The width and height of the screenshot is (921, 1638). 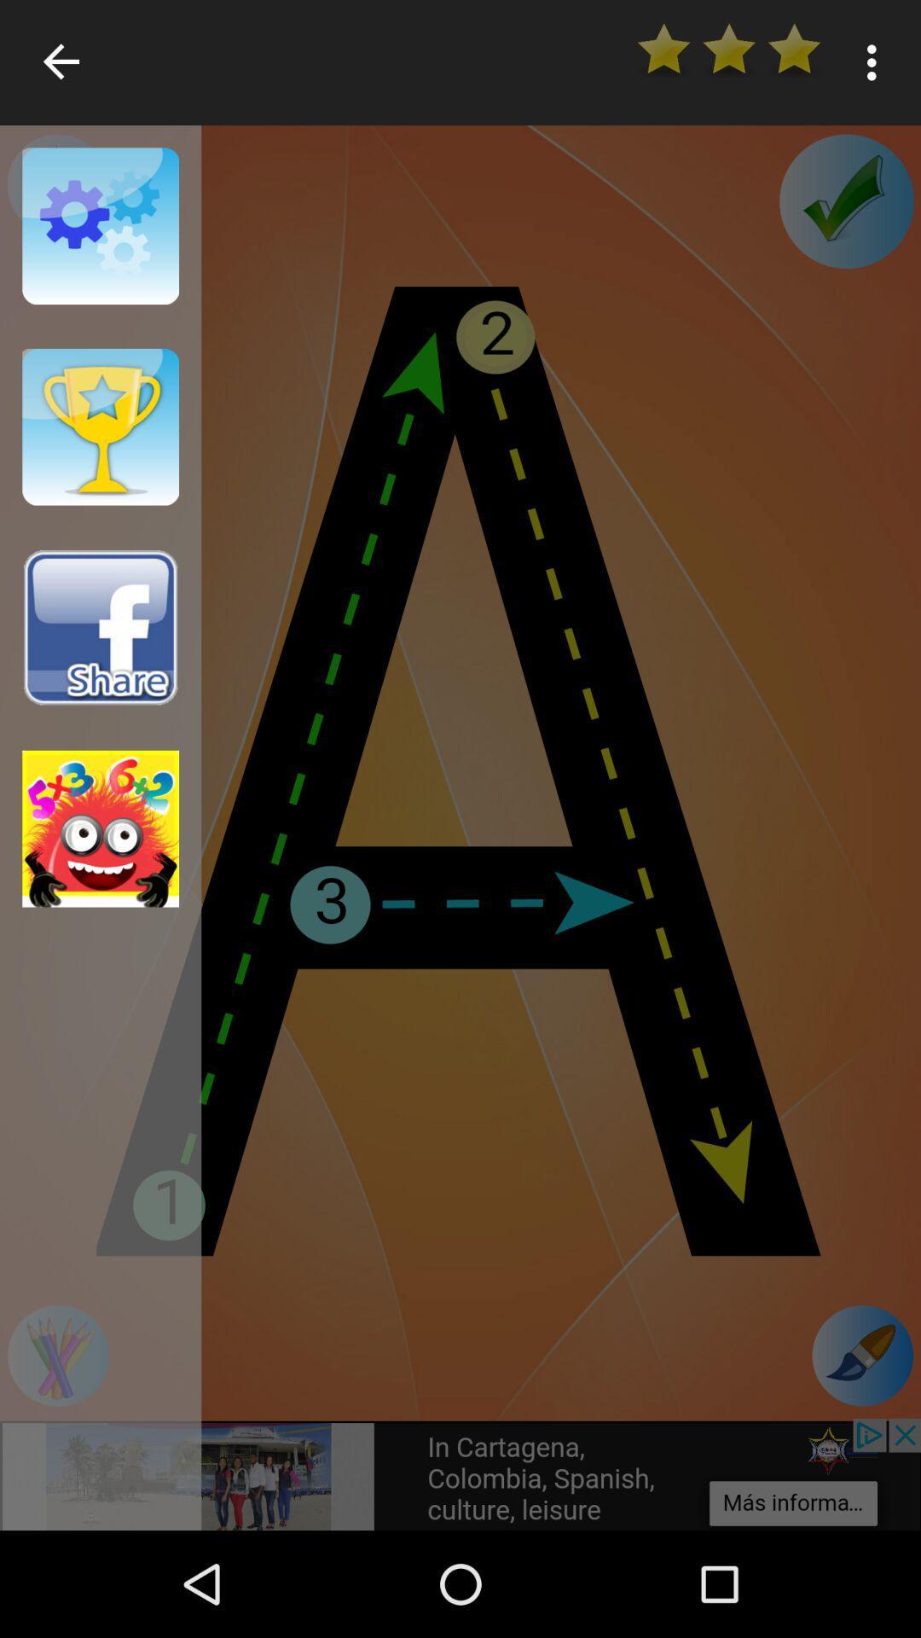 I want to click on the settings icon, so click(x=56, y=184).